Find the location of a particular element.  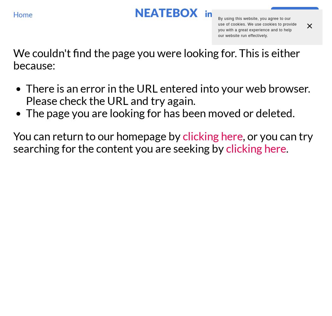

'By using this website, you agree to our use of cookies. We use cookies to provide you with a great experience and to help our website run effectively.' is located at coordinates (257, 27).